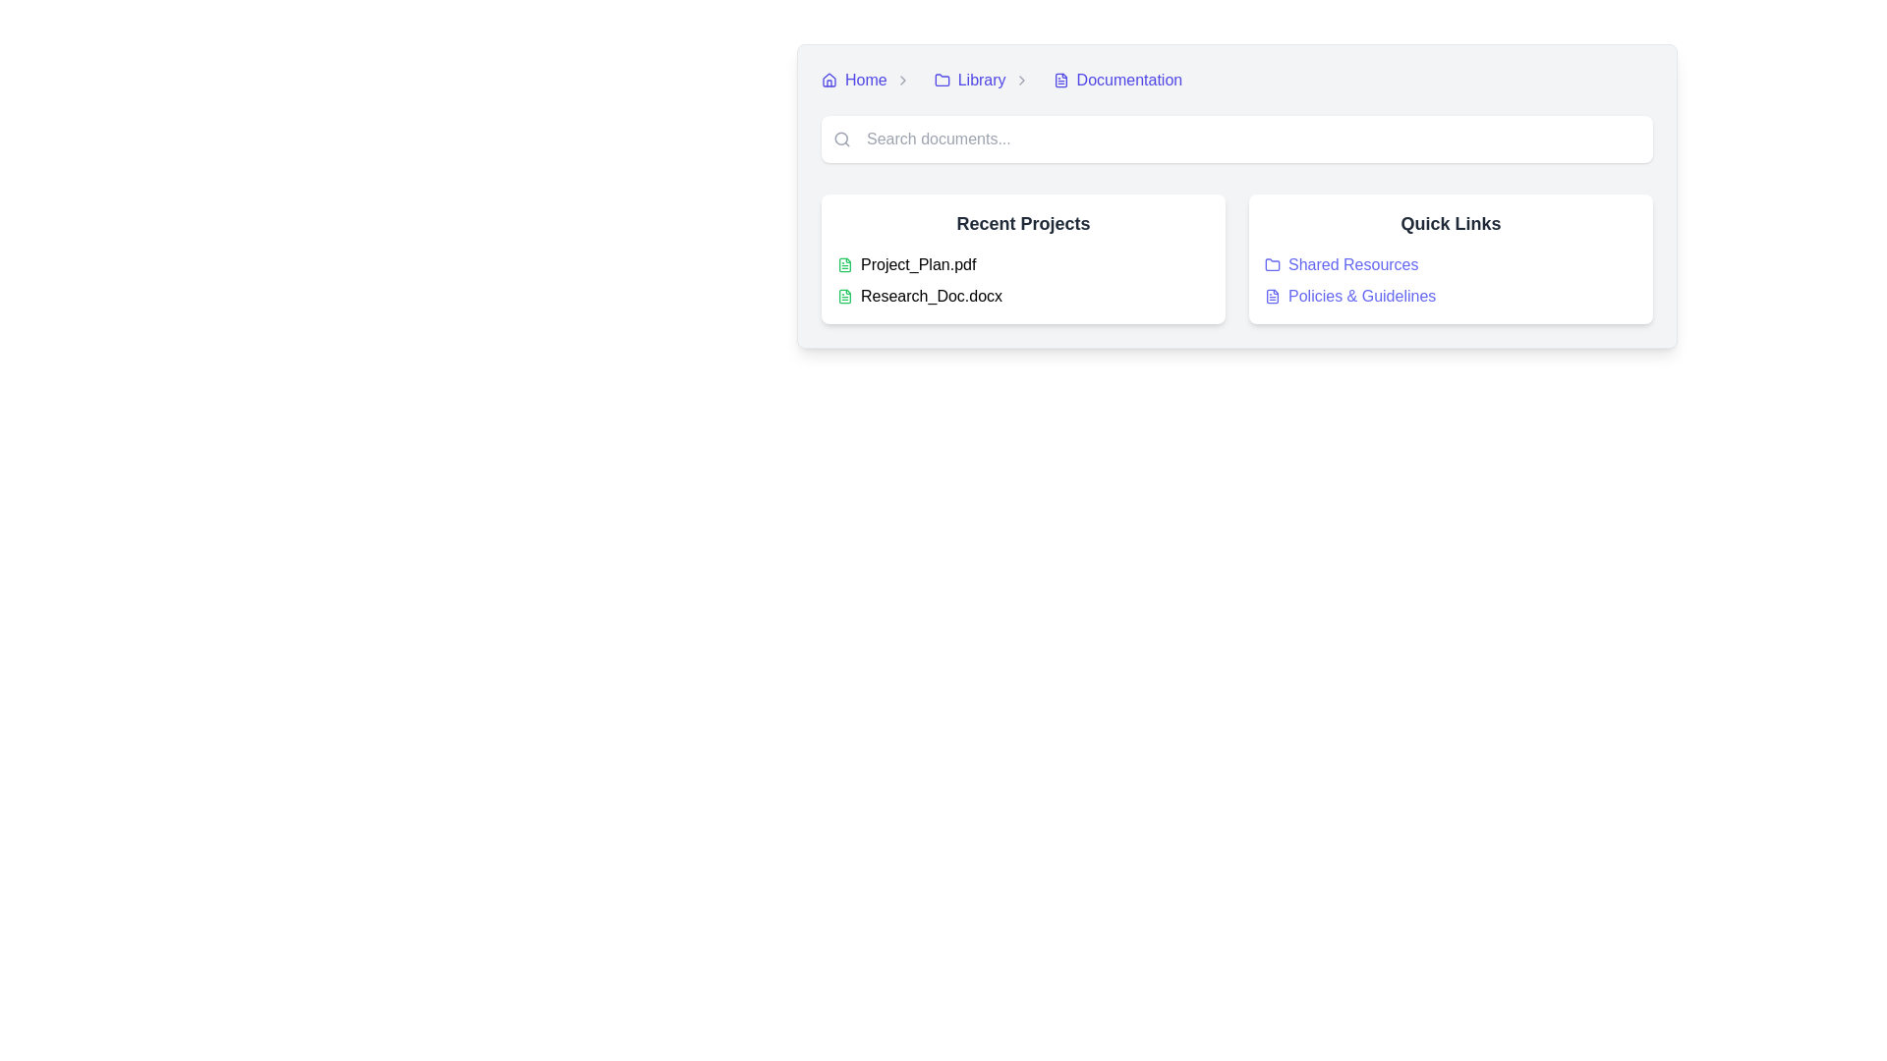  Describe the element at coordinates (1273, 296) in the screenshot. I see `the document icon styled with 'lucide-file-text' located to the left of the 'Policies & Guidelines' text in the 'Quick Links' section` at that location.